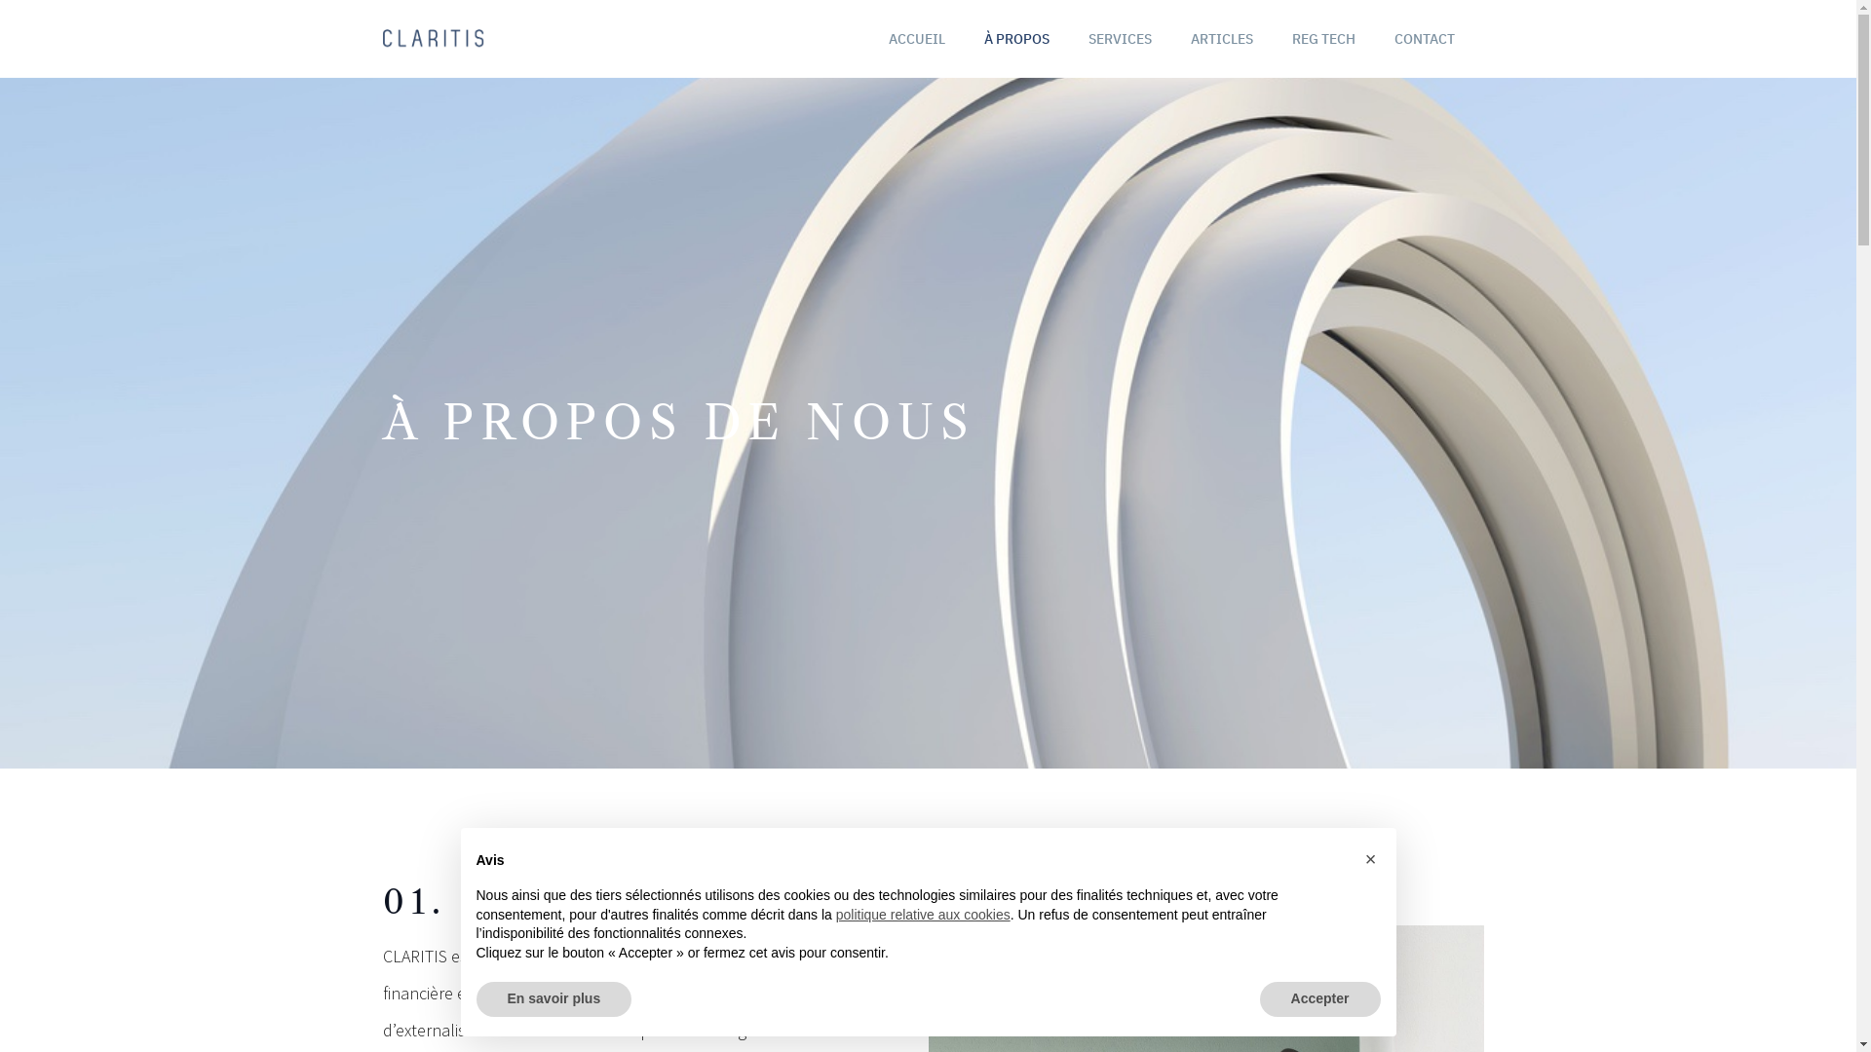 This screenshot has width=1871, height=1052. Describe the element at coordinates (1319, 999) in the screenshot. I see `'Accepter'` at that location.